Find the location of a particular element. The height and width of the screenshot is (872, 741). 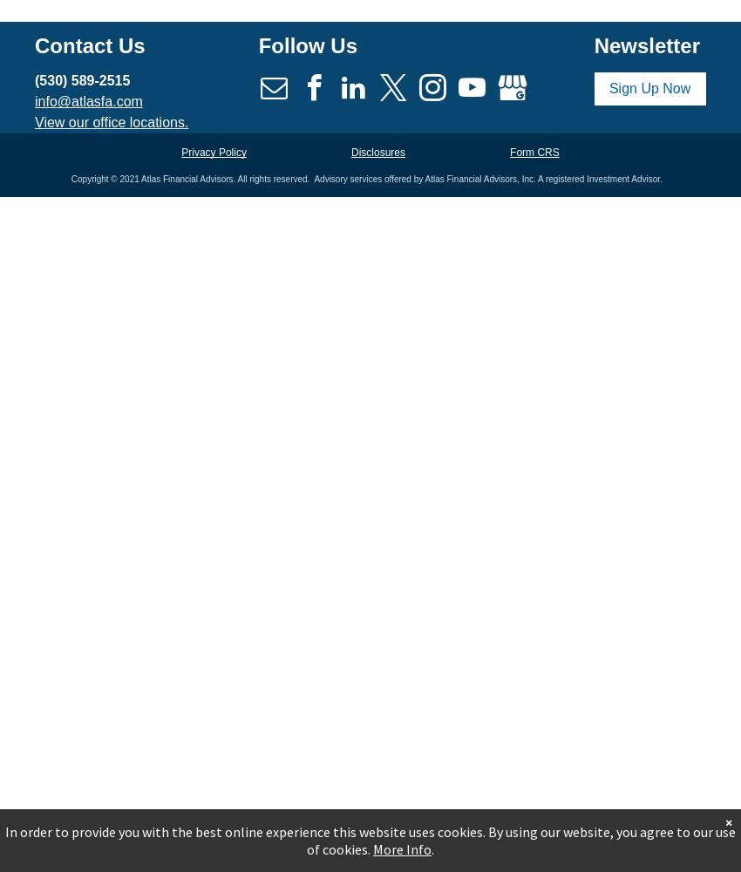

'In order to provide you with the best online experience this website uses cookies. By using our website, you agree to our use of cookies.' is located at coordinates (4, 840).